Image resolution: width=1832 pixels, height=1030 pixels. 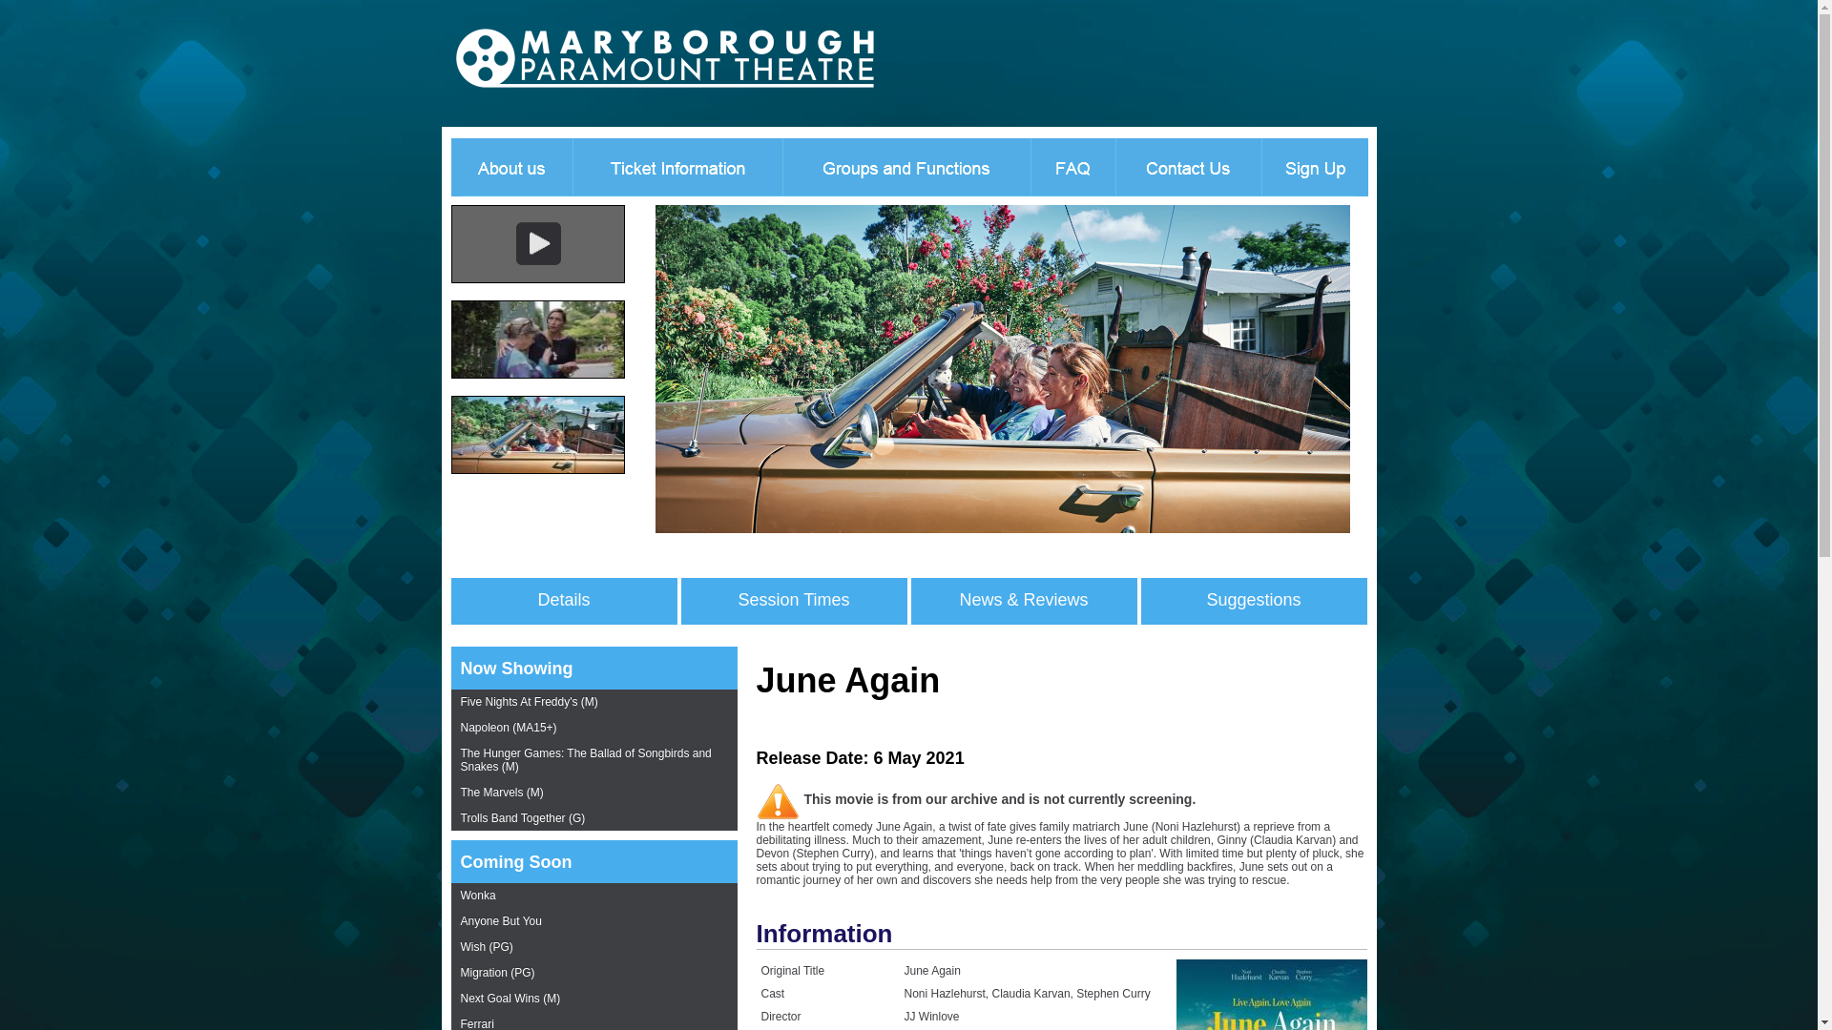 What do you see at coordinates (1186, 164) in the screenshot?
I see `'Contact Us'` at bounding box center [1186, 164].